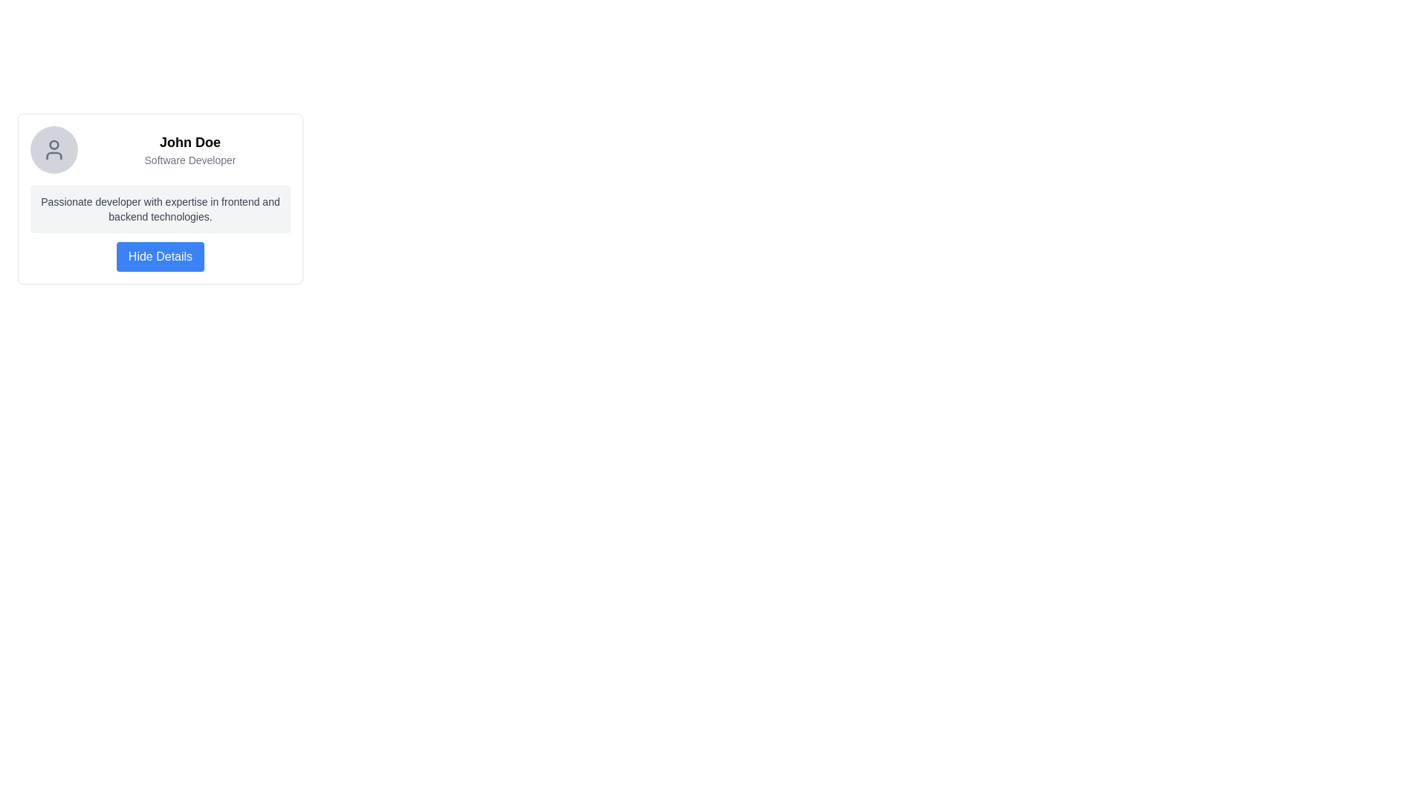  I want to click on the Text Block containing the name 'John Doe' and job title 'Software Developer' by moving the cursor to its center point, so click(189, 149).